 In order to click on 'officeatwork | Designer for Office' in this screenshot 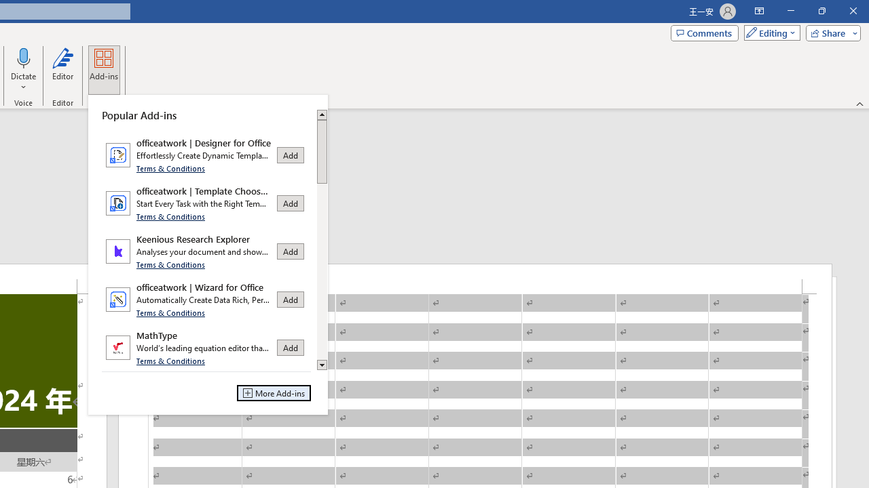, I will do `click(206, 154)`.